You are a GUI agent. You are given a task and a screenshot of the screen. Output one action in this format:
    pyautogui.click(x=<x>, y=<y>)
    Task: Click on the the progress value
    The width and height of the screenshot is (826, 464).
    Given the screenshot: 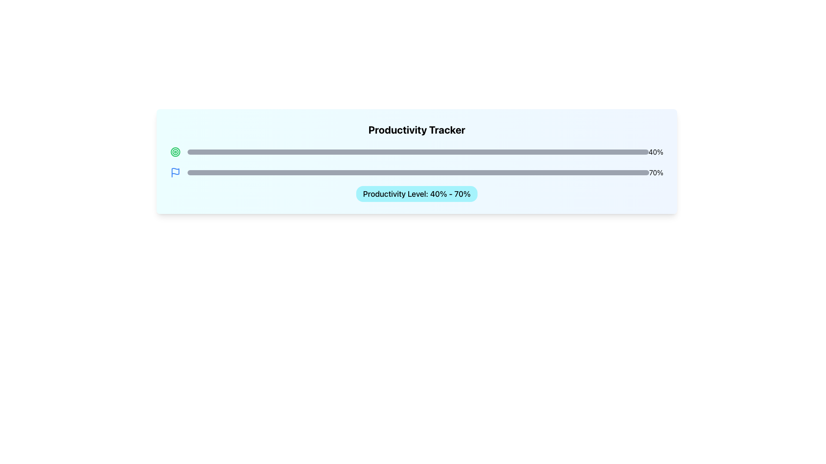 What is the action you would take?
    pyautogui.click(x=293, y=172)
    